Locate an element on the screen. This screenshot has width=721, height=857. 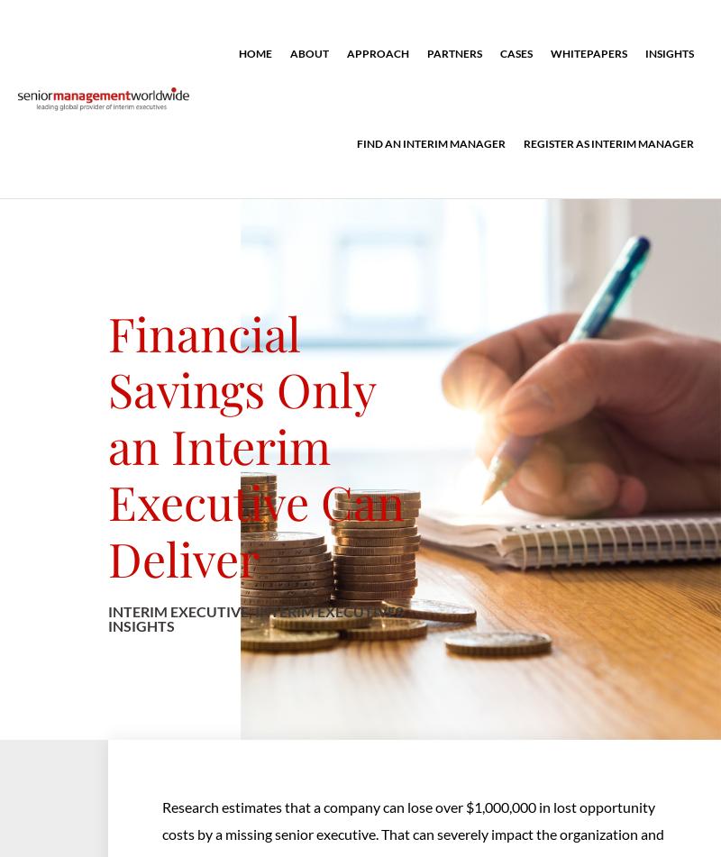
'Partners' is located at coordinates (453, 53).